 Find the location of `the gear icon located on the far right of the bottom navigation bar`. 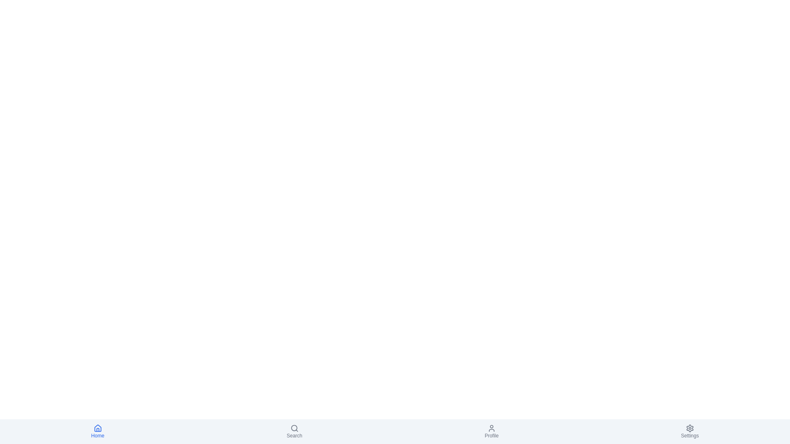

the gear icon located on the far right of the bottom navigation bar is located at coordinates (690, 428).